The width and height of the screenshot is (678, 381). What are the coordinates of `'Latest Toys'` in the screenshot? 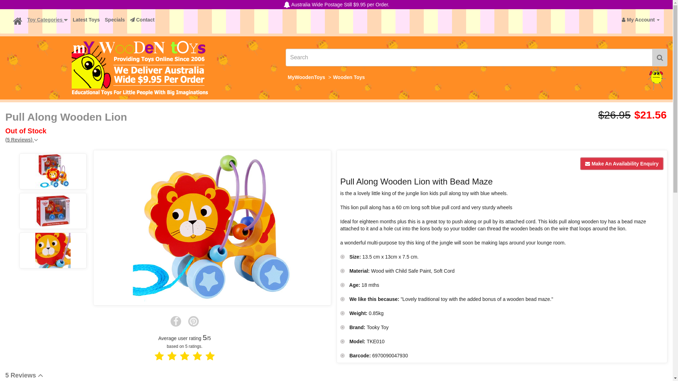 It's located at (86, 19).